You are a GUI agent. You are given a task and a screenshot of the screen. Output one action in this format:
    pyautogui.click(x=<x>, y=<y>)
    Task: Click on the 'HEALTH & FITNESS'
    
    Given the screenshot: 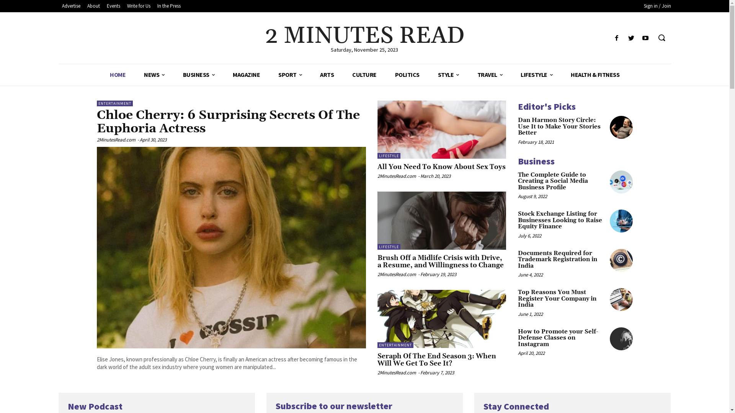 What is the action you would take?
    pyautogui.click(x=595, y=75)
    